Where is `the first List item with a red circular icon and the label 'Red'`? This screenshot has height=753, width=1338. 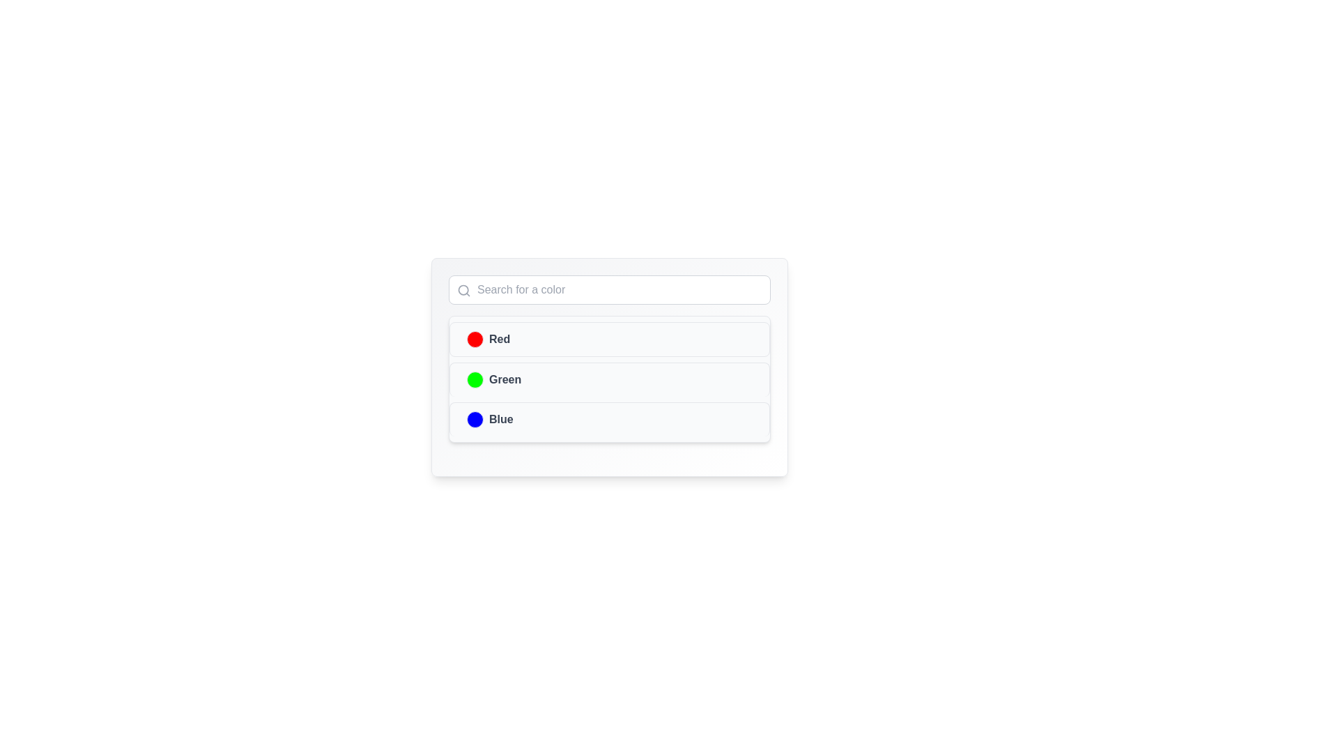 the first List item with a red circular icon and the label 'Red' is located at coordinates (489, 339).